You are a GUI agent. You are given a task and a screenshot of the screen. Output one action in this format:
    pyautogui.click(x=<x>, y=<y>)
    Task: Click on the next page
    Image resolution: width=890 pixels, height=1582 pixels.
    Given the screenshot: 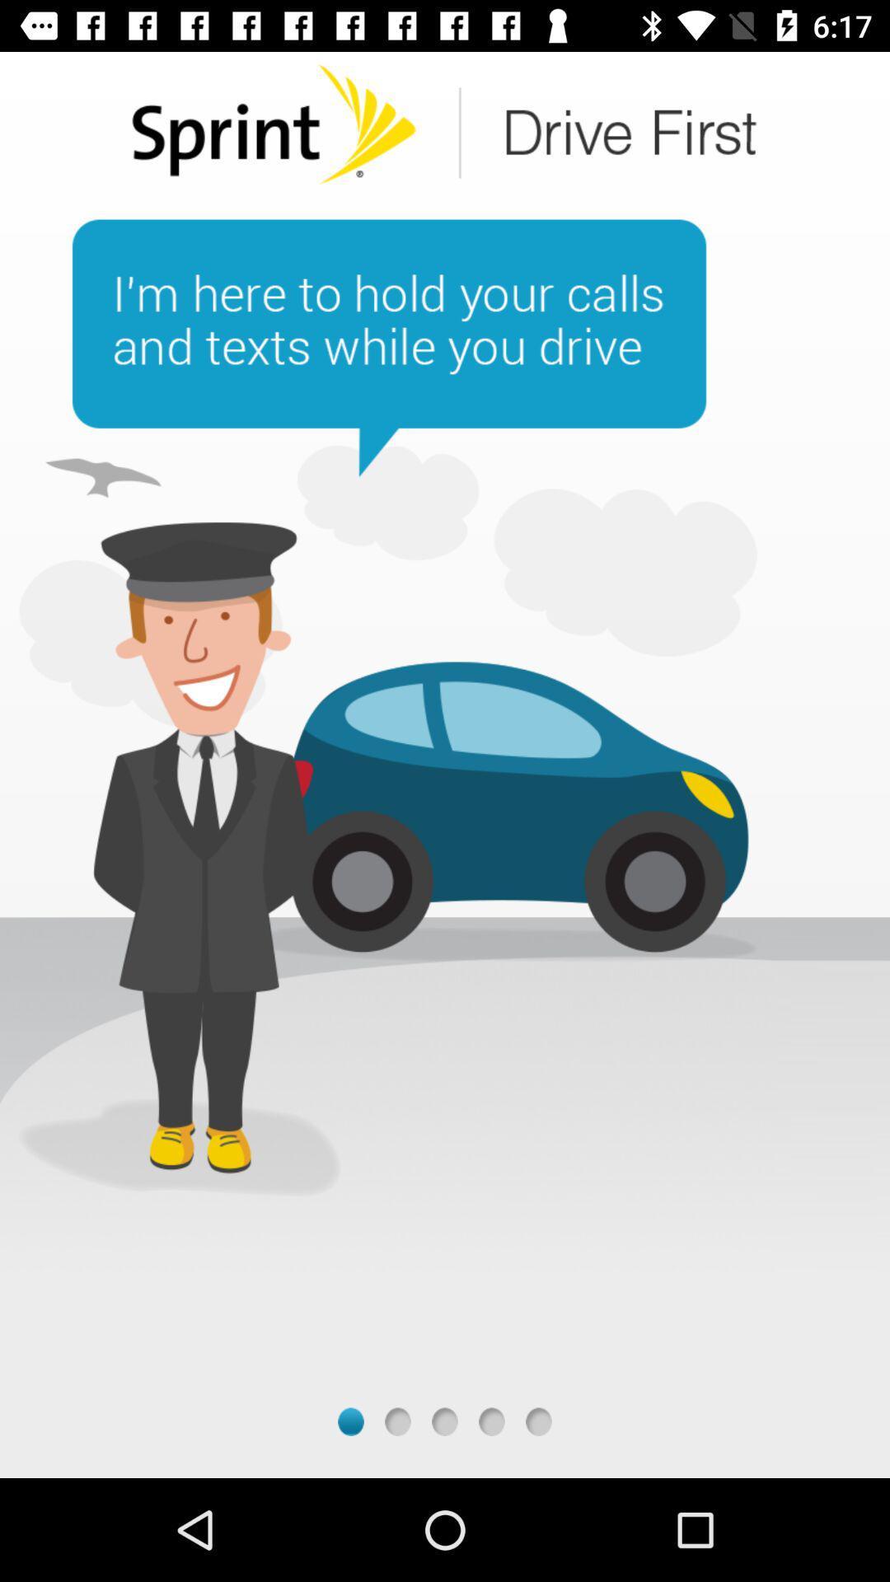 What is the action you would take?
    pyautogui.click(x=397, y=1421)
    